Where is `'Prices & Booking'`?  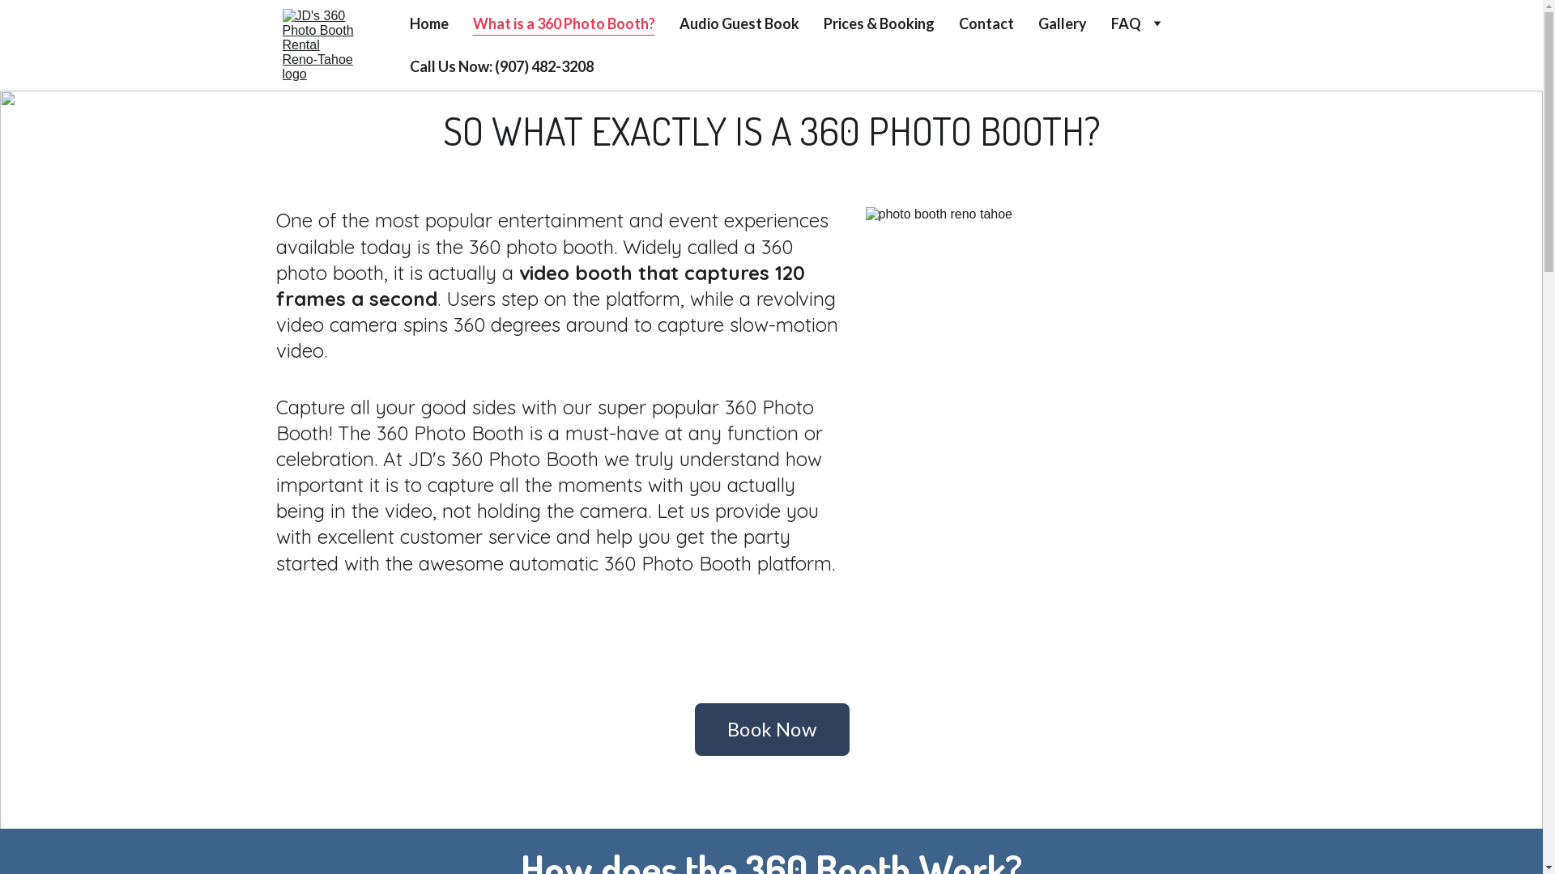
'Prices & Booking' is located at coordinates (877, 23).